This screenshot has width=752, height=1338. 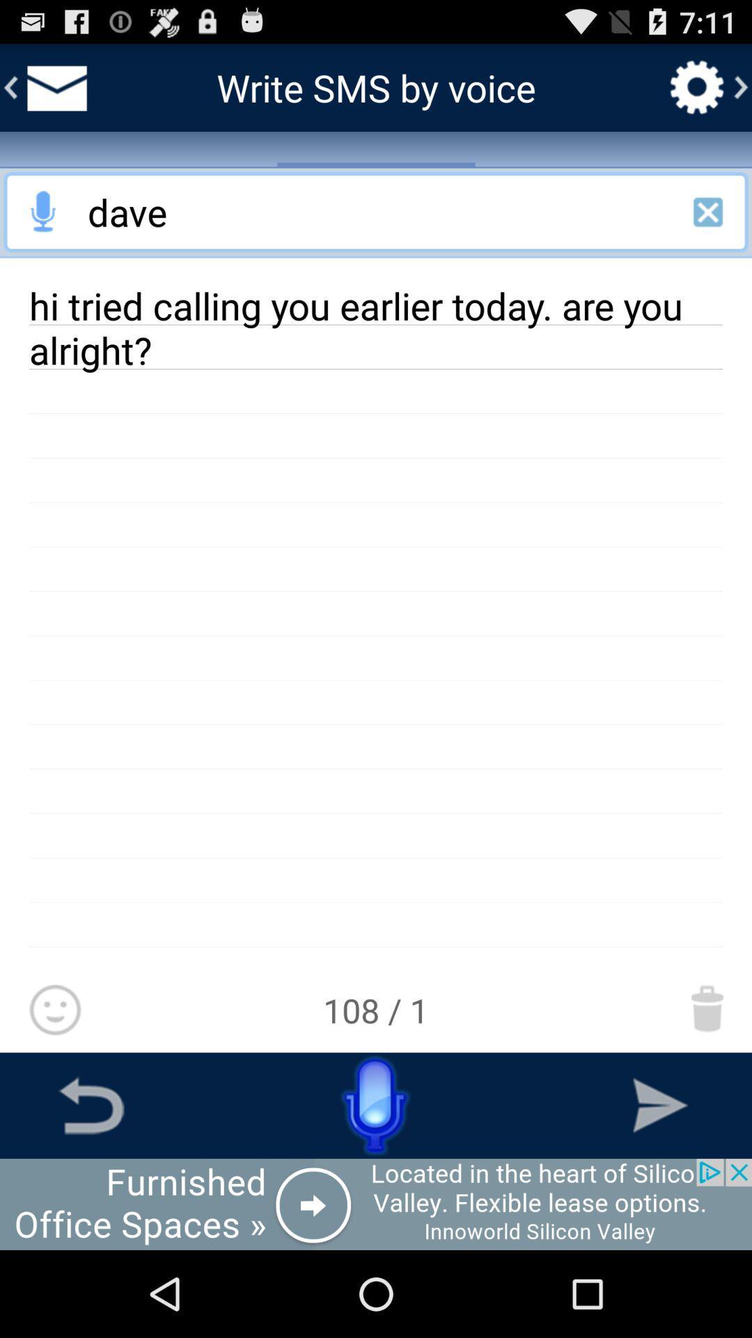 What do you see at coordinates (91, 1105) in the screenshot?
I see `go back` at bounding box center [91, 1105].